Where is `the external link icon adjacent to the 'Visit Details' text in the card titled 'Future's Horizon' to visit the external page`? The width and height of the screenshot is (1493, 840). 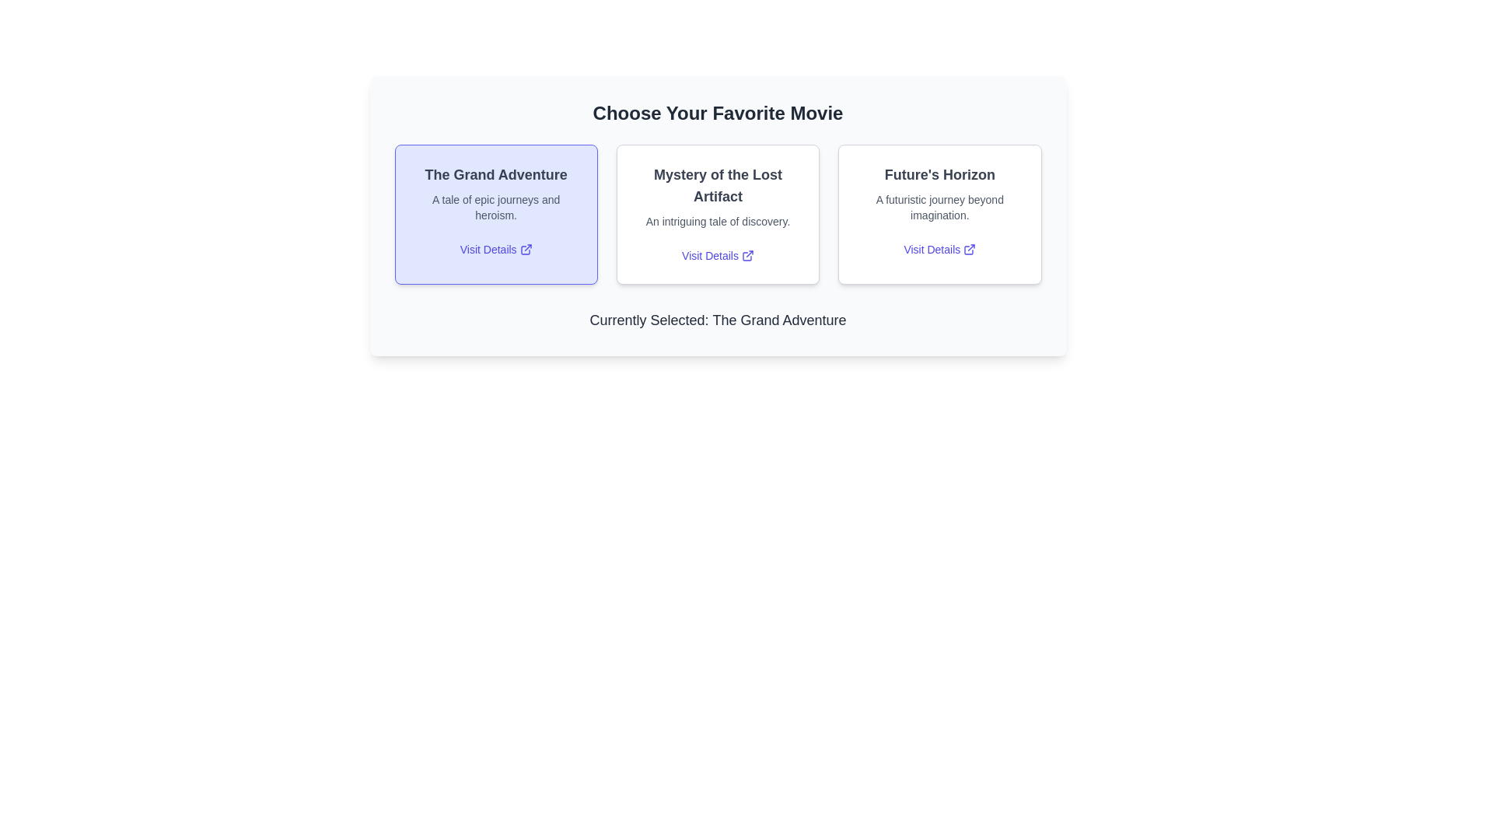 the external link icon adjacent to the 'Visit Details' text in the card titled 'Future's Horizon' to visit the external page is located at coordinates (969, 248).